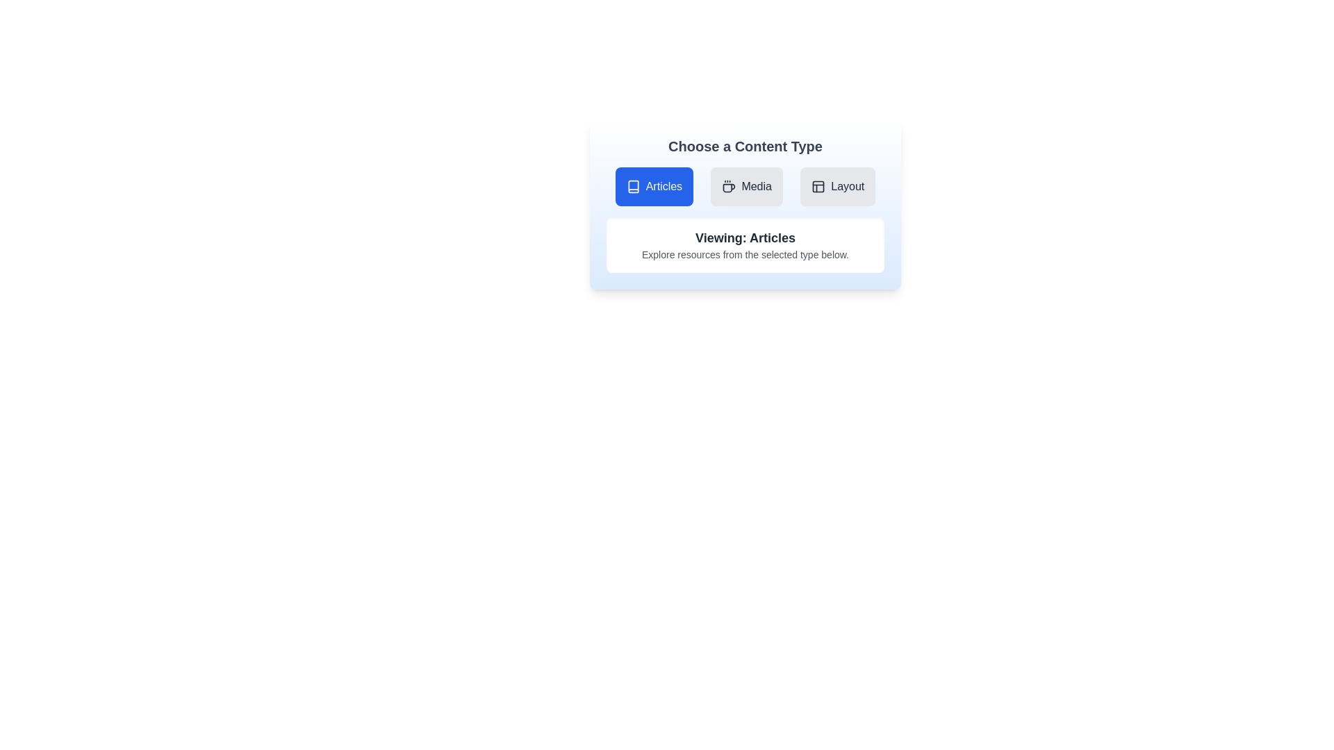 Image resolution: width=1334 pixels, height=750 pixels. Describe the element at coordinates (745, 186) in the screenshot. I see `the button in the horizontal button group` at that location.